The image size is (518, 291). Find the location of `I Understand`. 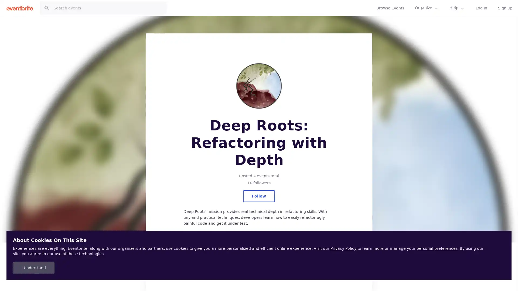

I Understand is located at coordinates (33, 268).